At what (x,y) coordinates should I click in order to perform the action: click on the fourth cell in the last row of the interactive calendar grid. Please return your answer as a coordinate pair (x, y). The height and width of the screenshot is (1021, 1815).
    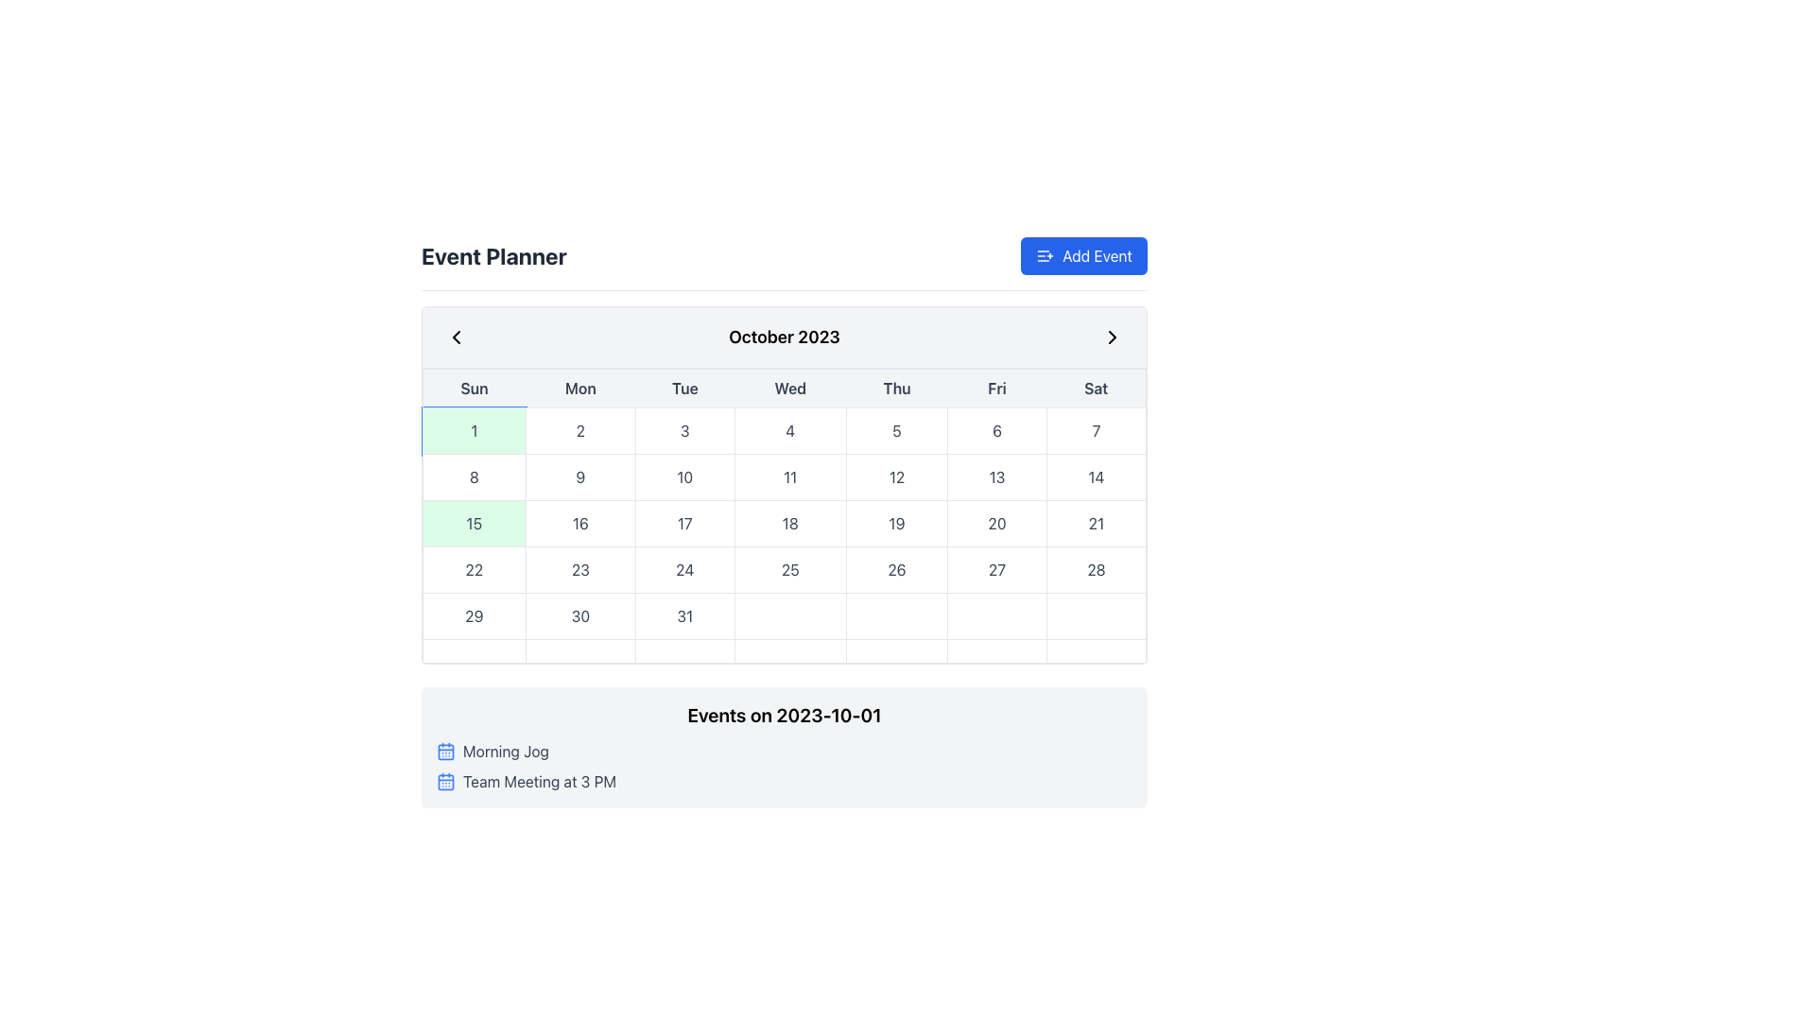
    Looking at the image, I should click on (790, 615).